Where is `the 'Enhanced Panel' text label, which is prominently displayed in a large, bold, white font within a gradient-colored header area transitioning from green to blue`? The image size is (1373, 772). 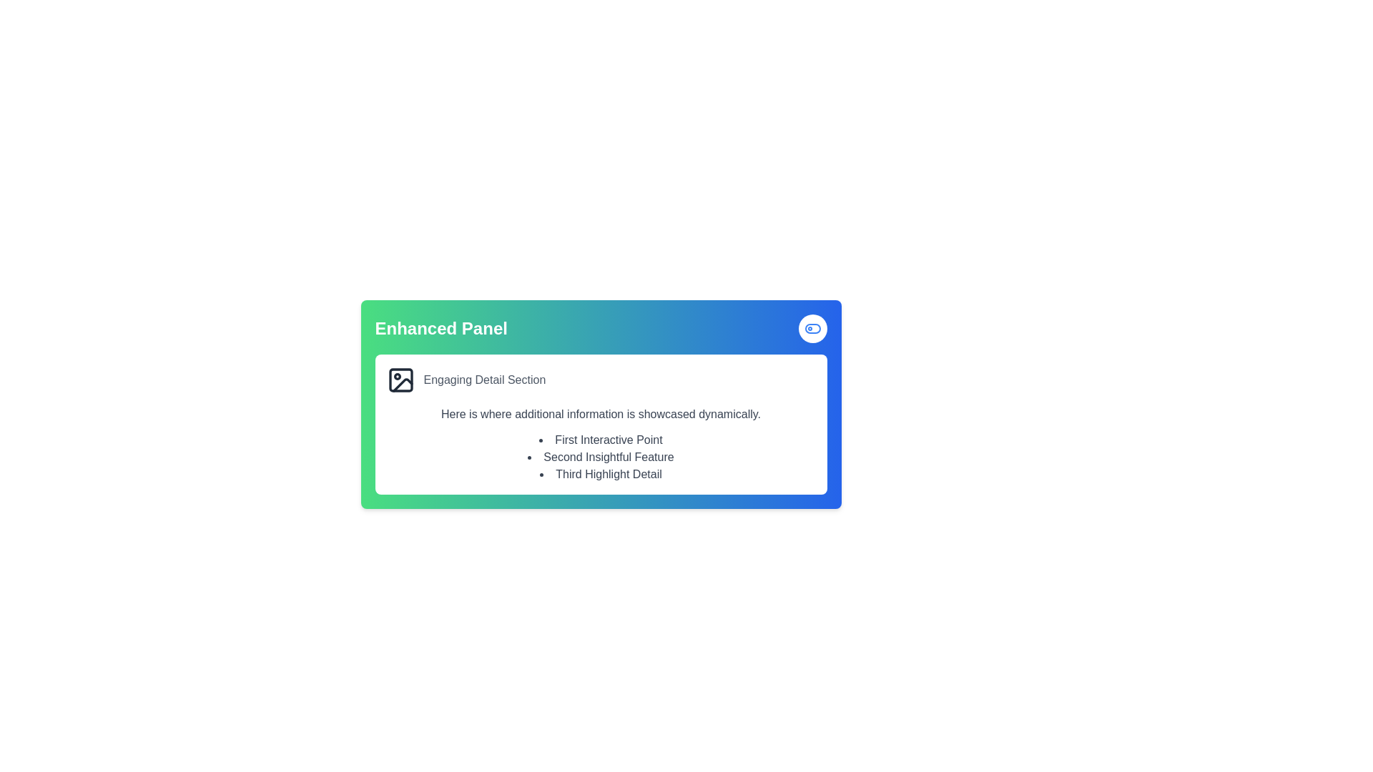 the 'Enhanced Panel' text label, which is prominently displayed in a large, bold, white font within a gradient-colored header area transitioning from green to blue is located at coordinates (441, 328).